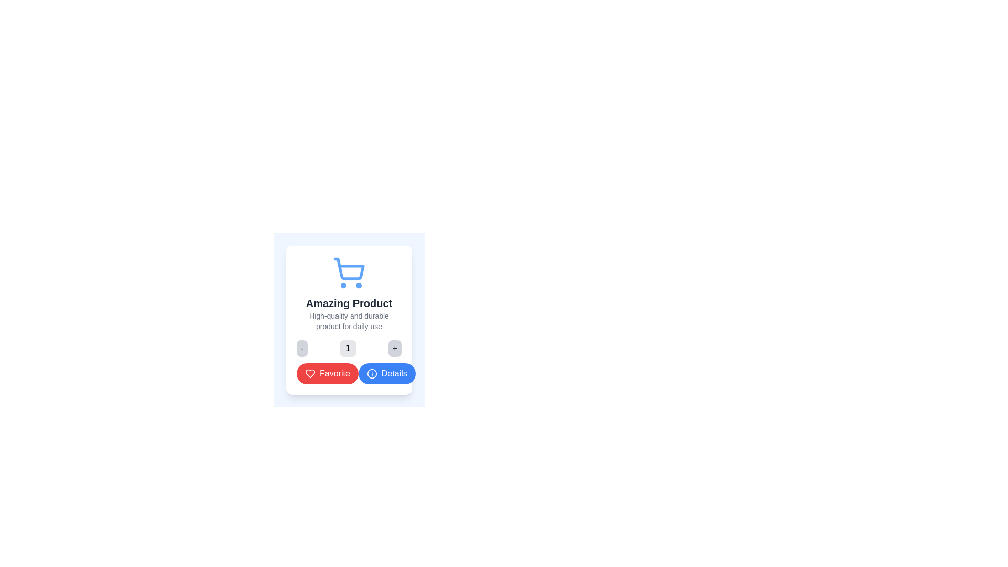  What do you see at coordinates (386, 373) in the screenshot?
I see `the blue rounded rectangle button labeled 'Details' located at the bottom of the card, positioned to the right of the 'Favorite' button, for a visual cue` at bounding box center [386, 373].